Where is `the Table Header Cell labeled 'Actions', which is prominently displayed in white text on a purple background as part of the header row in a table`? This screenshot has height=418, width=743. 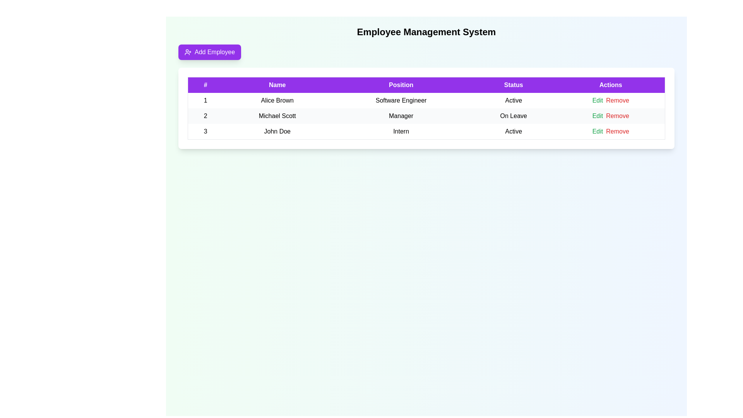 the Table Header Cell labeled 'Actions', which is prominently displayed in white text on a purple background as part of the header row in a table is located at coordinates (610, 85).